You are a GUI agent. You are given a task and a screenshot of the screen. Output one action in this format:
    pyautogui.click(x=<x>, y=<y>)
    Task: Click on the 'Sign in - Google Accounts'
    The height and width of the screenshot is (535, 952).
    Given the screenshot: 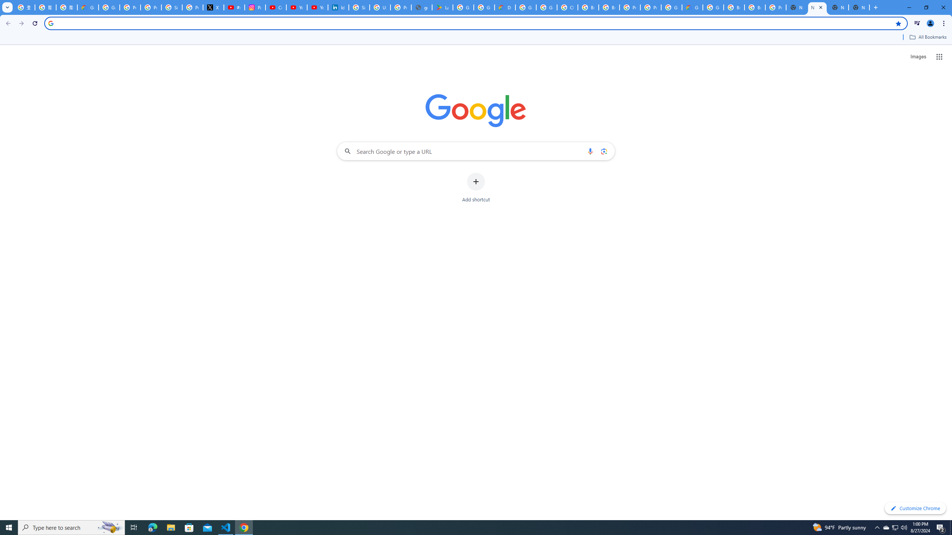 What is the action you would take?
    pyautogui.click(x=359, y=7)
    